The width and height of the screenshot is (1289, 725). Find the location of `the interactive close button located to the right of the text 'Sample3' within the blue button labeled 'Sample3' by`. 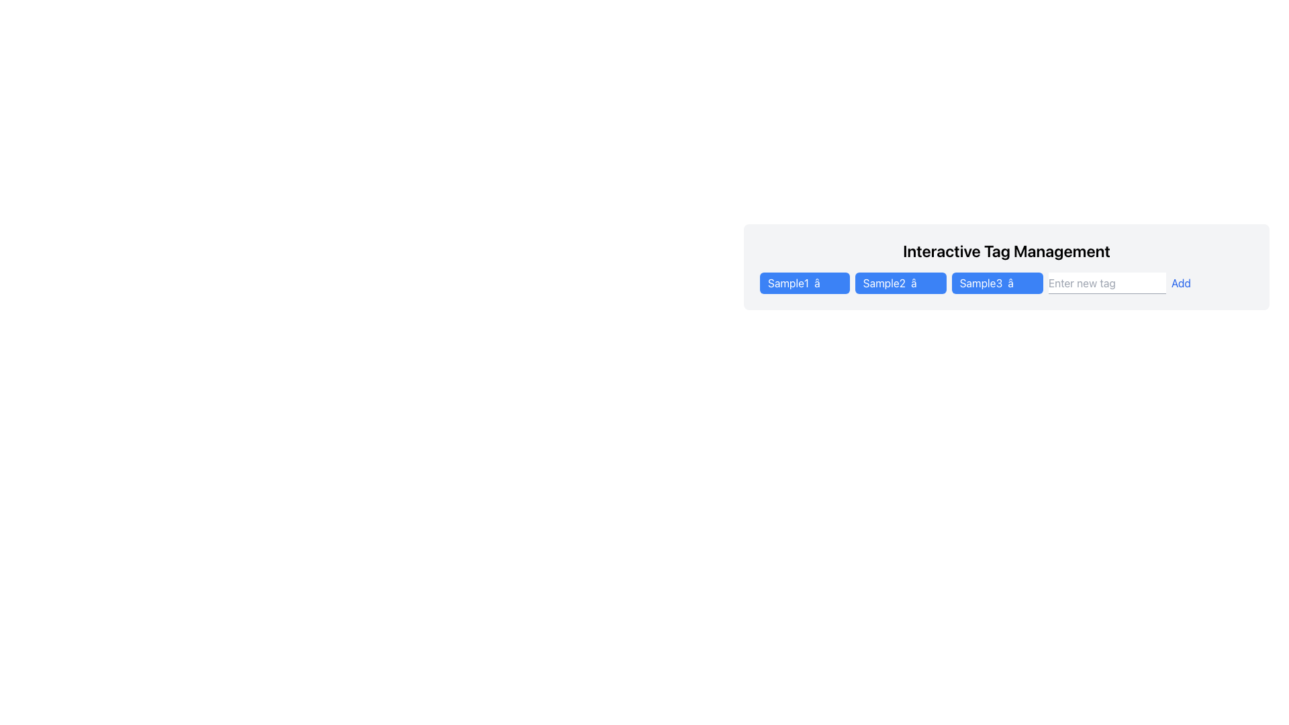

the interactive close button located to the right of the text 'Sample3' within the blue button labeled 'Sample3' by is located at coordinates (1020, 282).